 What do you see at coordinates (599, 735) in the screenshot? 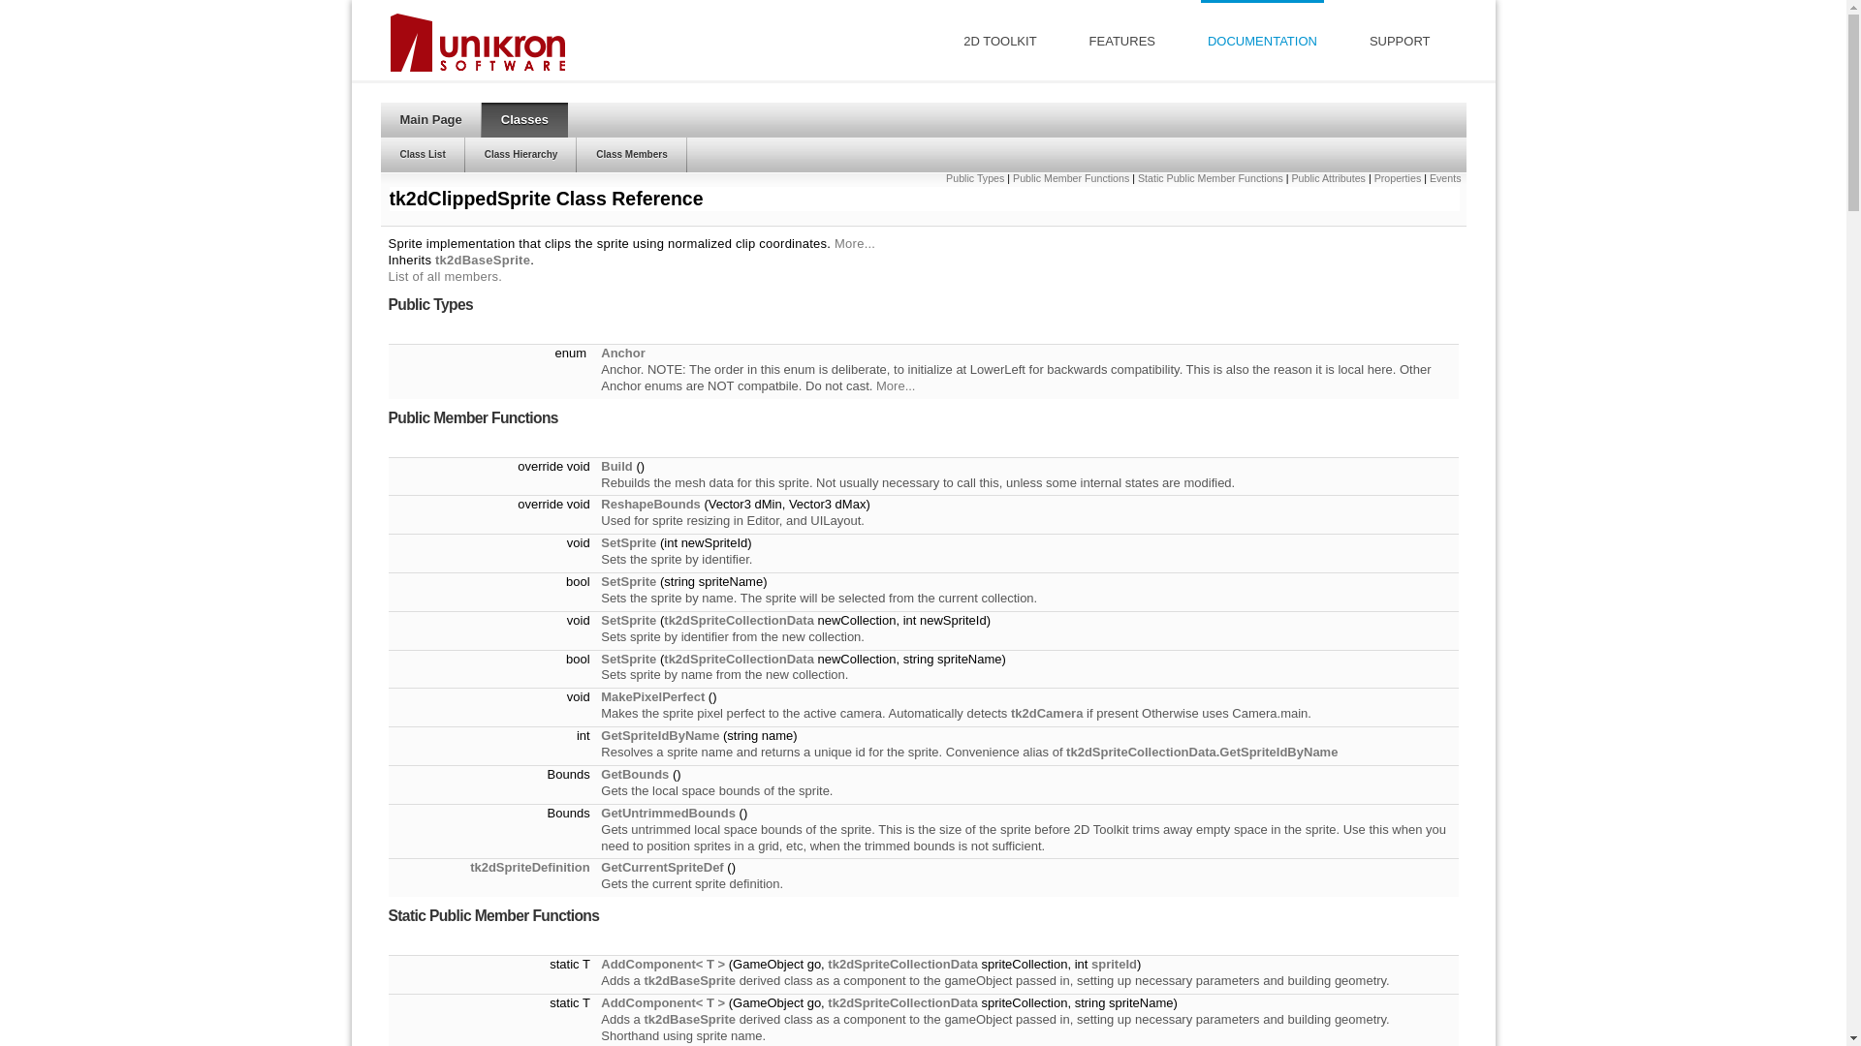
I see `'GetSpriteIdByName'` at bounding box center [599, 735].